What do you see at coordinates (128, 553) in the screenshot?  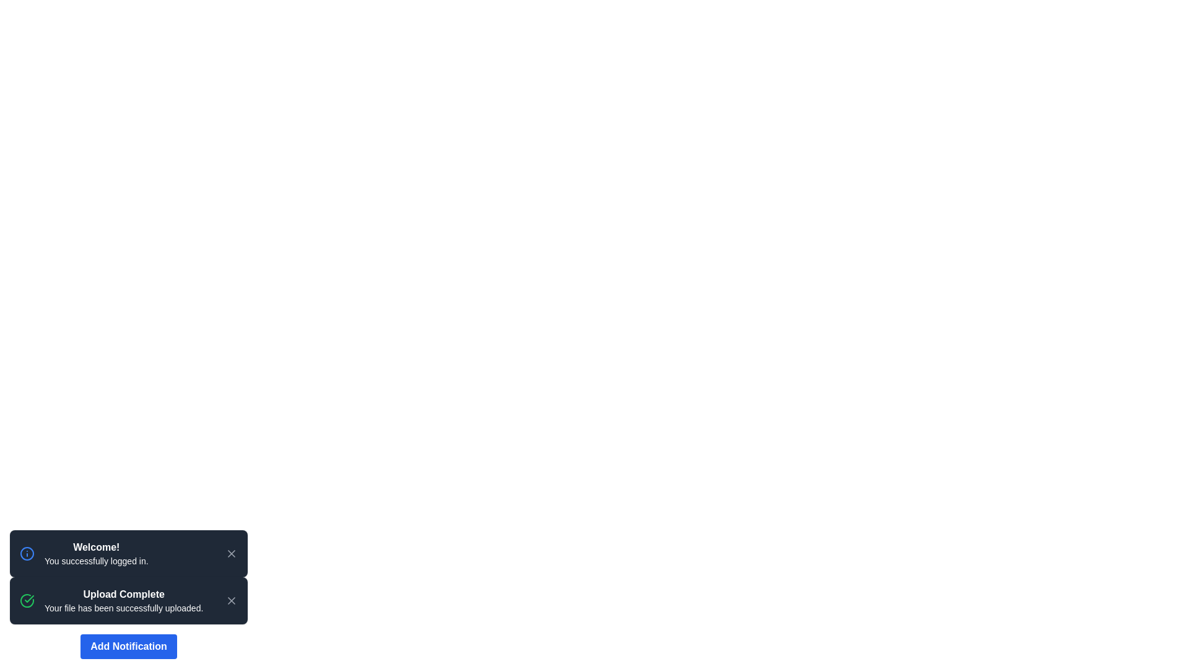 I see `notification displayed in the rectangular notification box with bold text saying 'Welcome!' and a smaller text underneath reading 'You successfully logged in.', located at the bottom-left corner of the viewport` at bounding box center [128, 553].